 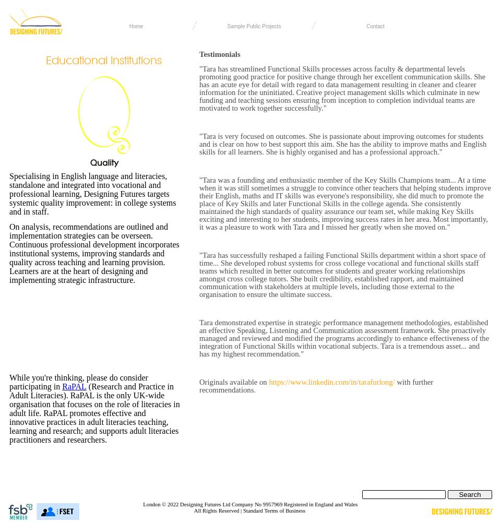 What do you see at coordinates (198, 275) in the screenshot?
I see `'"Tara has successfully reshaped a failing Functional Skills department within a short space of time... She developed robust systems for cross college vocational and functional skills staff teams which resulted in better outcomes for students and greater working relationships amongst cross college tutors. She built credibility, established rapport, and maintained communication with stakeholders at multiple levels, including those external to the organisation to ensure the ultimate success.'` at bounding box center [198, 275].